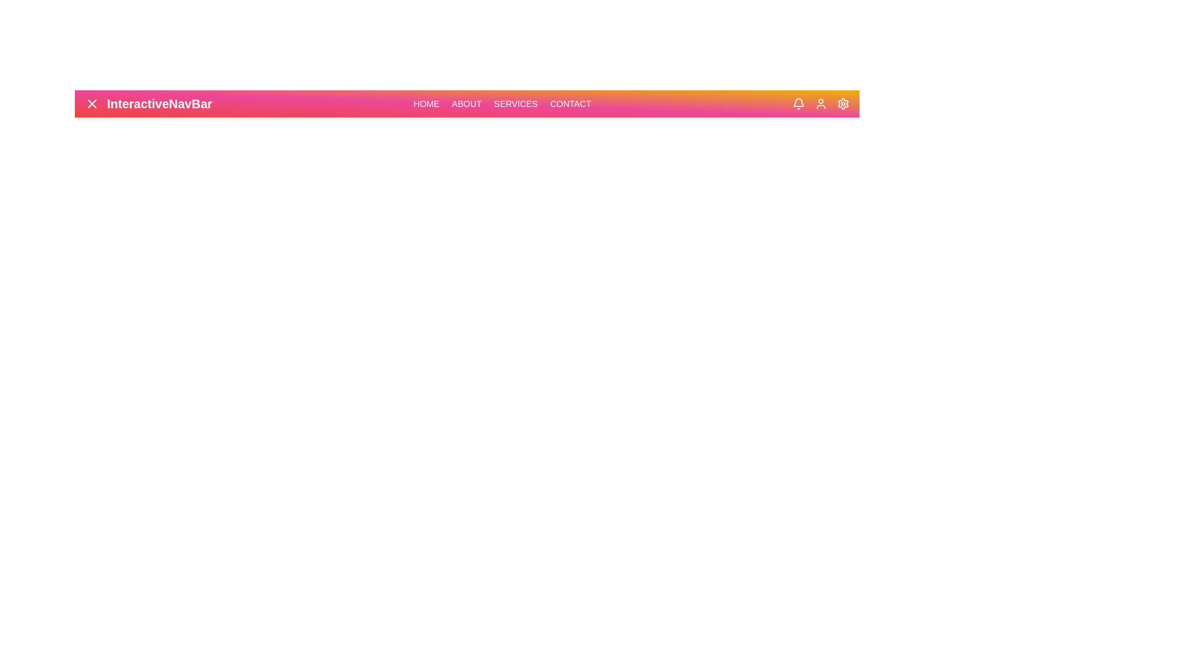 This screenshot has width=1188, height=668. I want to click on the navigation link corresponding to Contact, so click(570, 103).